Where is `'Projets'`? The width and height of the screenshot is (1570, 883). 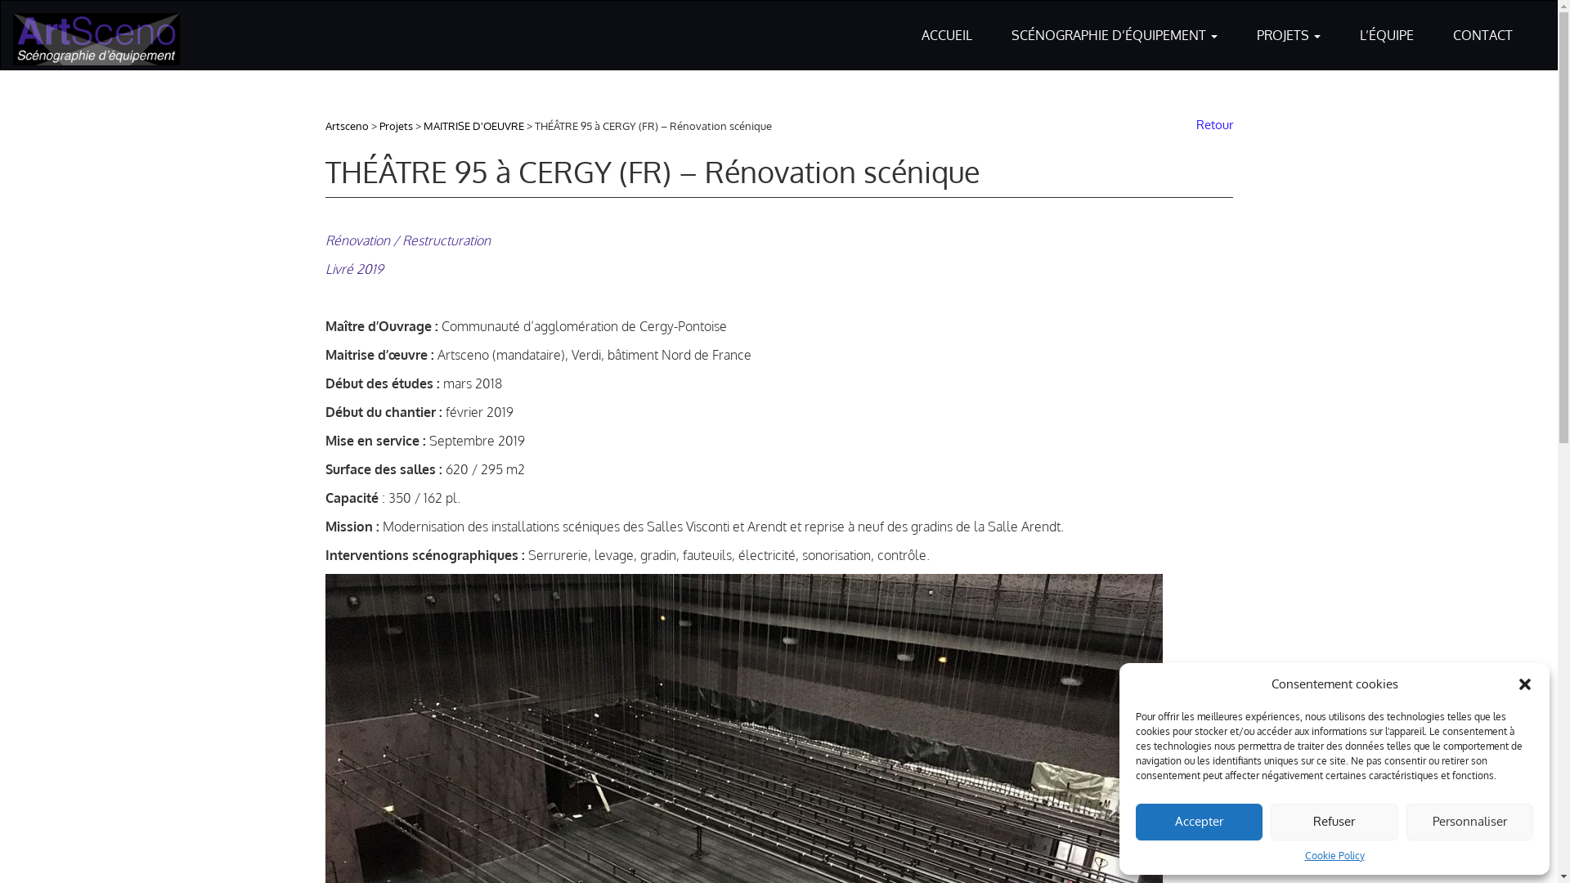 'Projets' is located at coordinates (396, 125).